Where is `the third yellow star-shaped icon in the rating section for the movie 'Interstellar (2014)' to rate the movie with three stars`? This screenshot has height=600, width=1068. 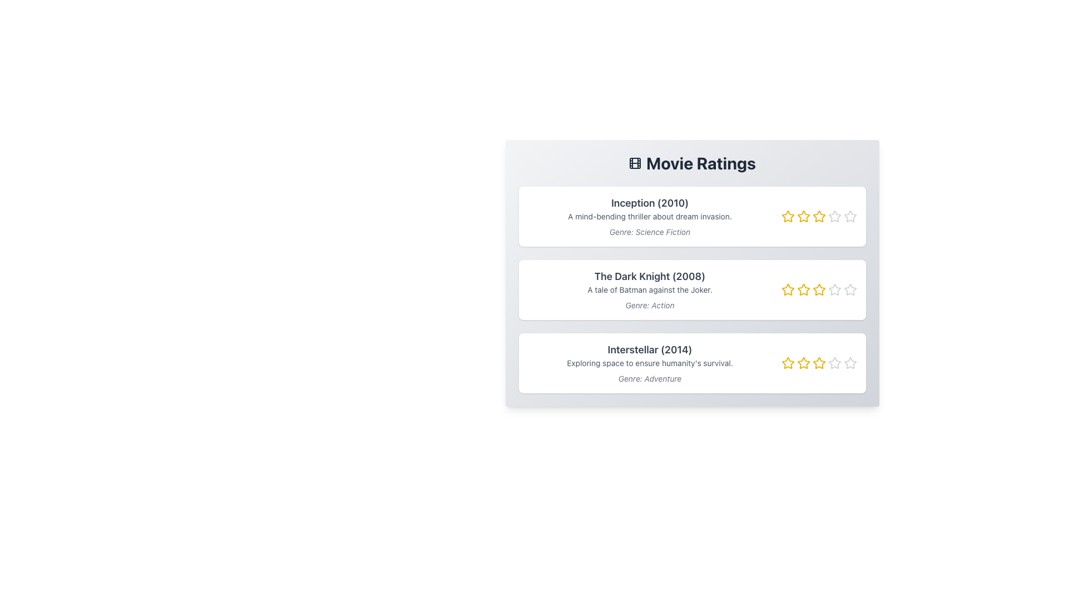 the third yellow star-shaped icon in the rating section for the movie 'Interstellar (2014)' to rate the movie with three stars is located at coordinates (803, 363).